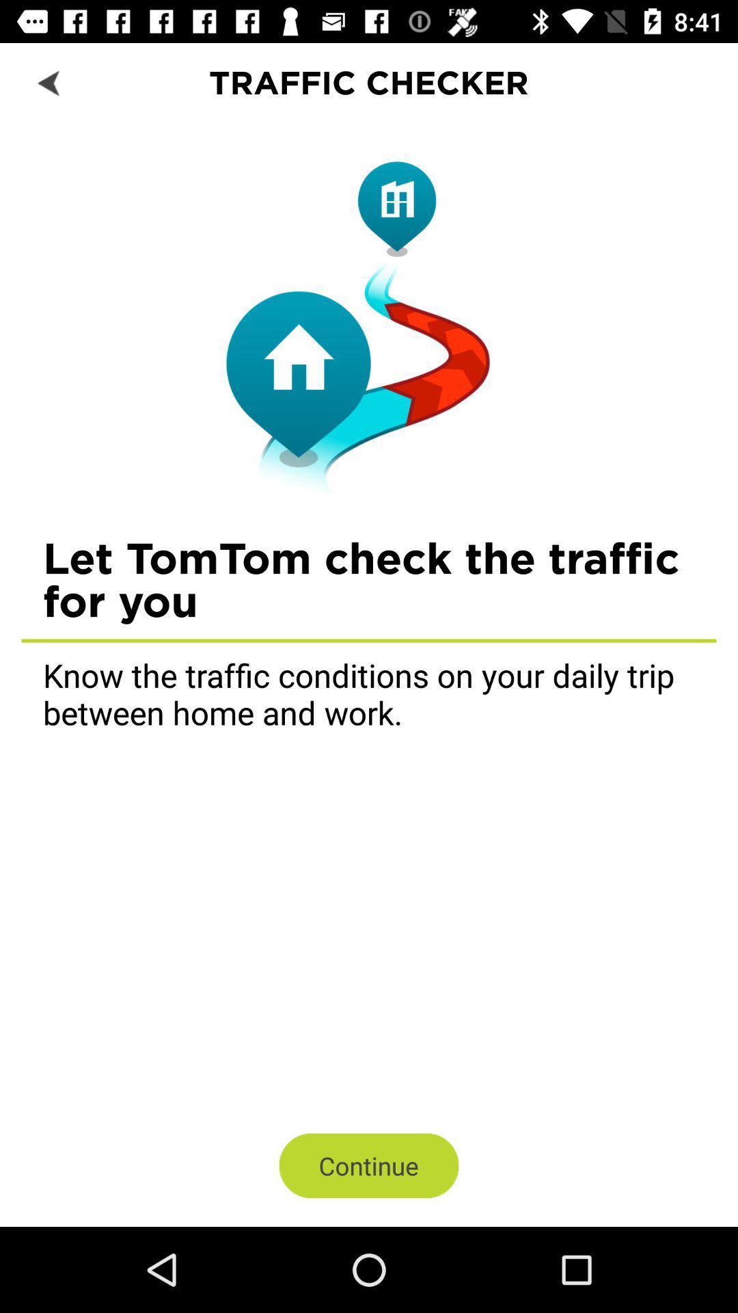 This screenshot has width=738, height=1313. Describe the element at coordinates (369, 1165) in the screenshot. I see `the continue icon` at that location.